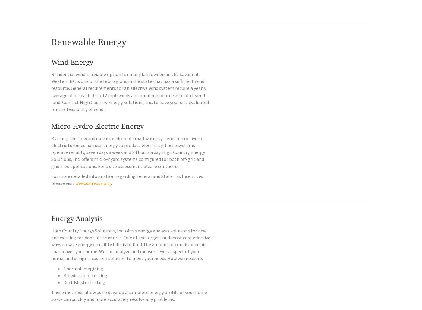  I want to click on 'Micro-Hydro Electric Energy', so click(97, 139).